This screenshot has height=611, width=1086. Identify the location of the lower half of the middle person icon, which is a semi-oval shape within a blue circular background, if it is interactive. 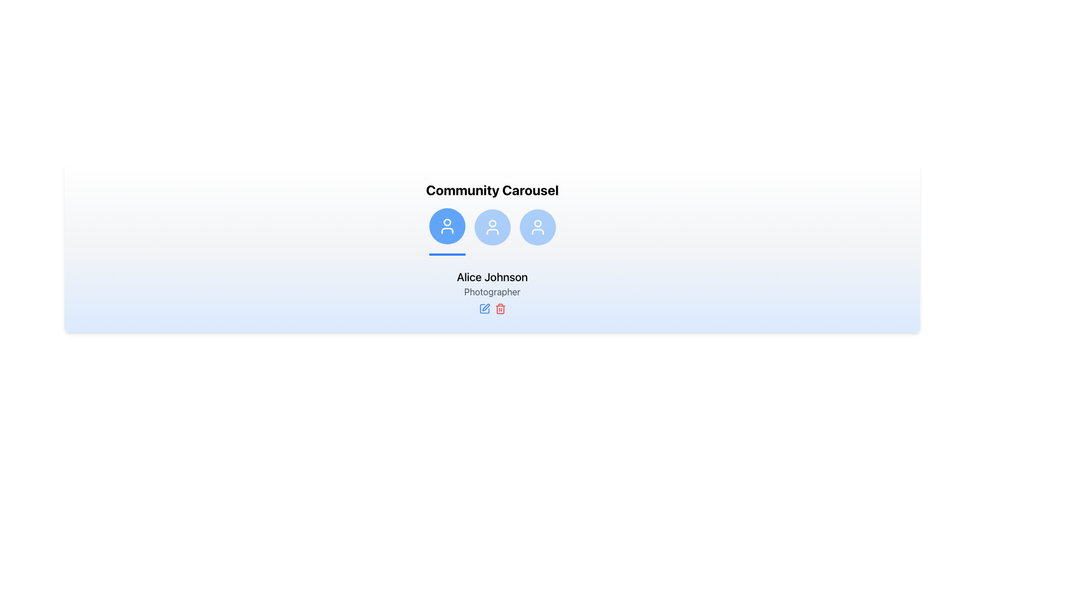
(492, 231).